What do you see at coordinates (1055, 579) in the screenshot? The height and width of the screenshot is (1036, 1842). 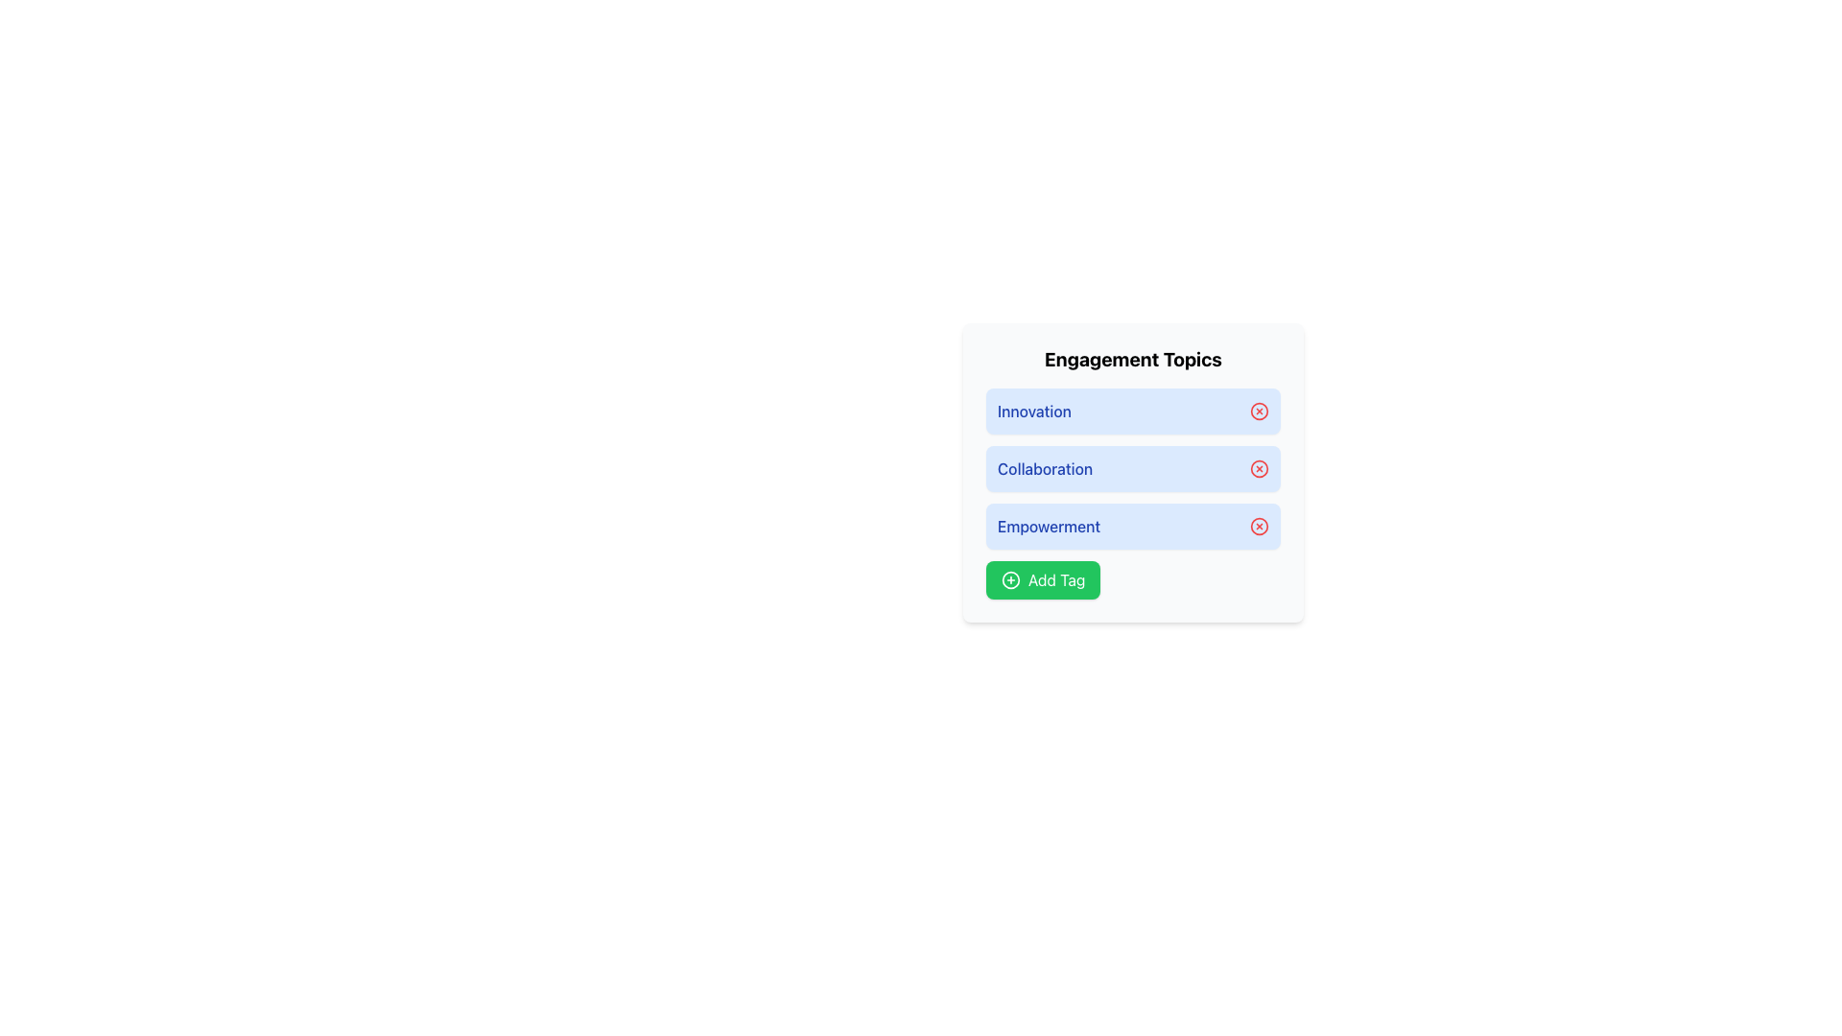 I see `'Add Tag' text label element, styled with a white font on a green button, located in the bottom-right corner of the 'Engagement Topics' section, using developer tools` at bounding box center [1055, 579].